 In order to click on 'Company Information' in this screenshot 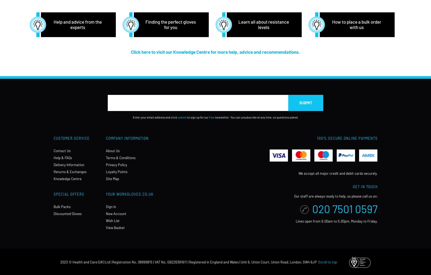, I will do `click(127, 138)`.